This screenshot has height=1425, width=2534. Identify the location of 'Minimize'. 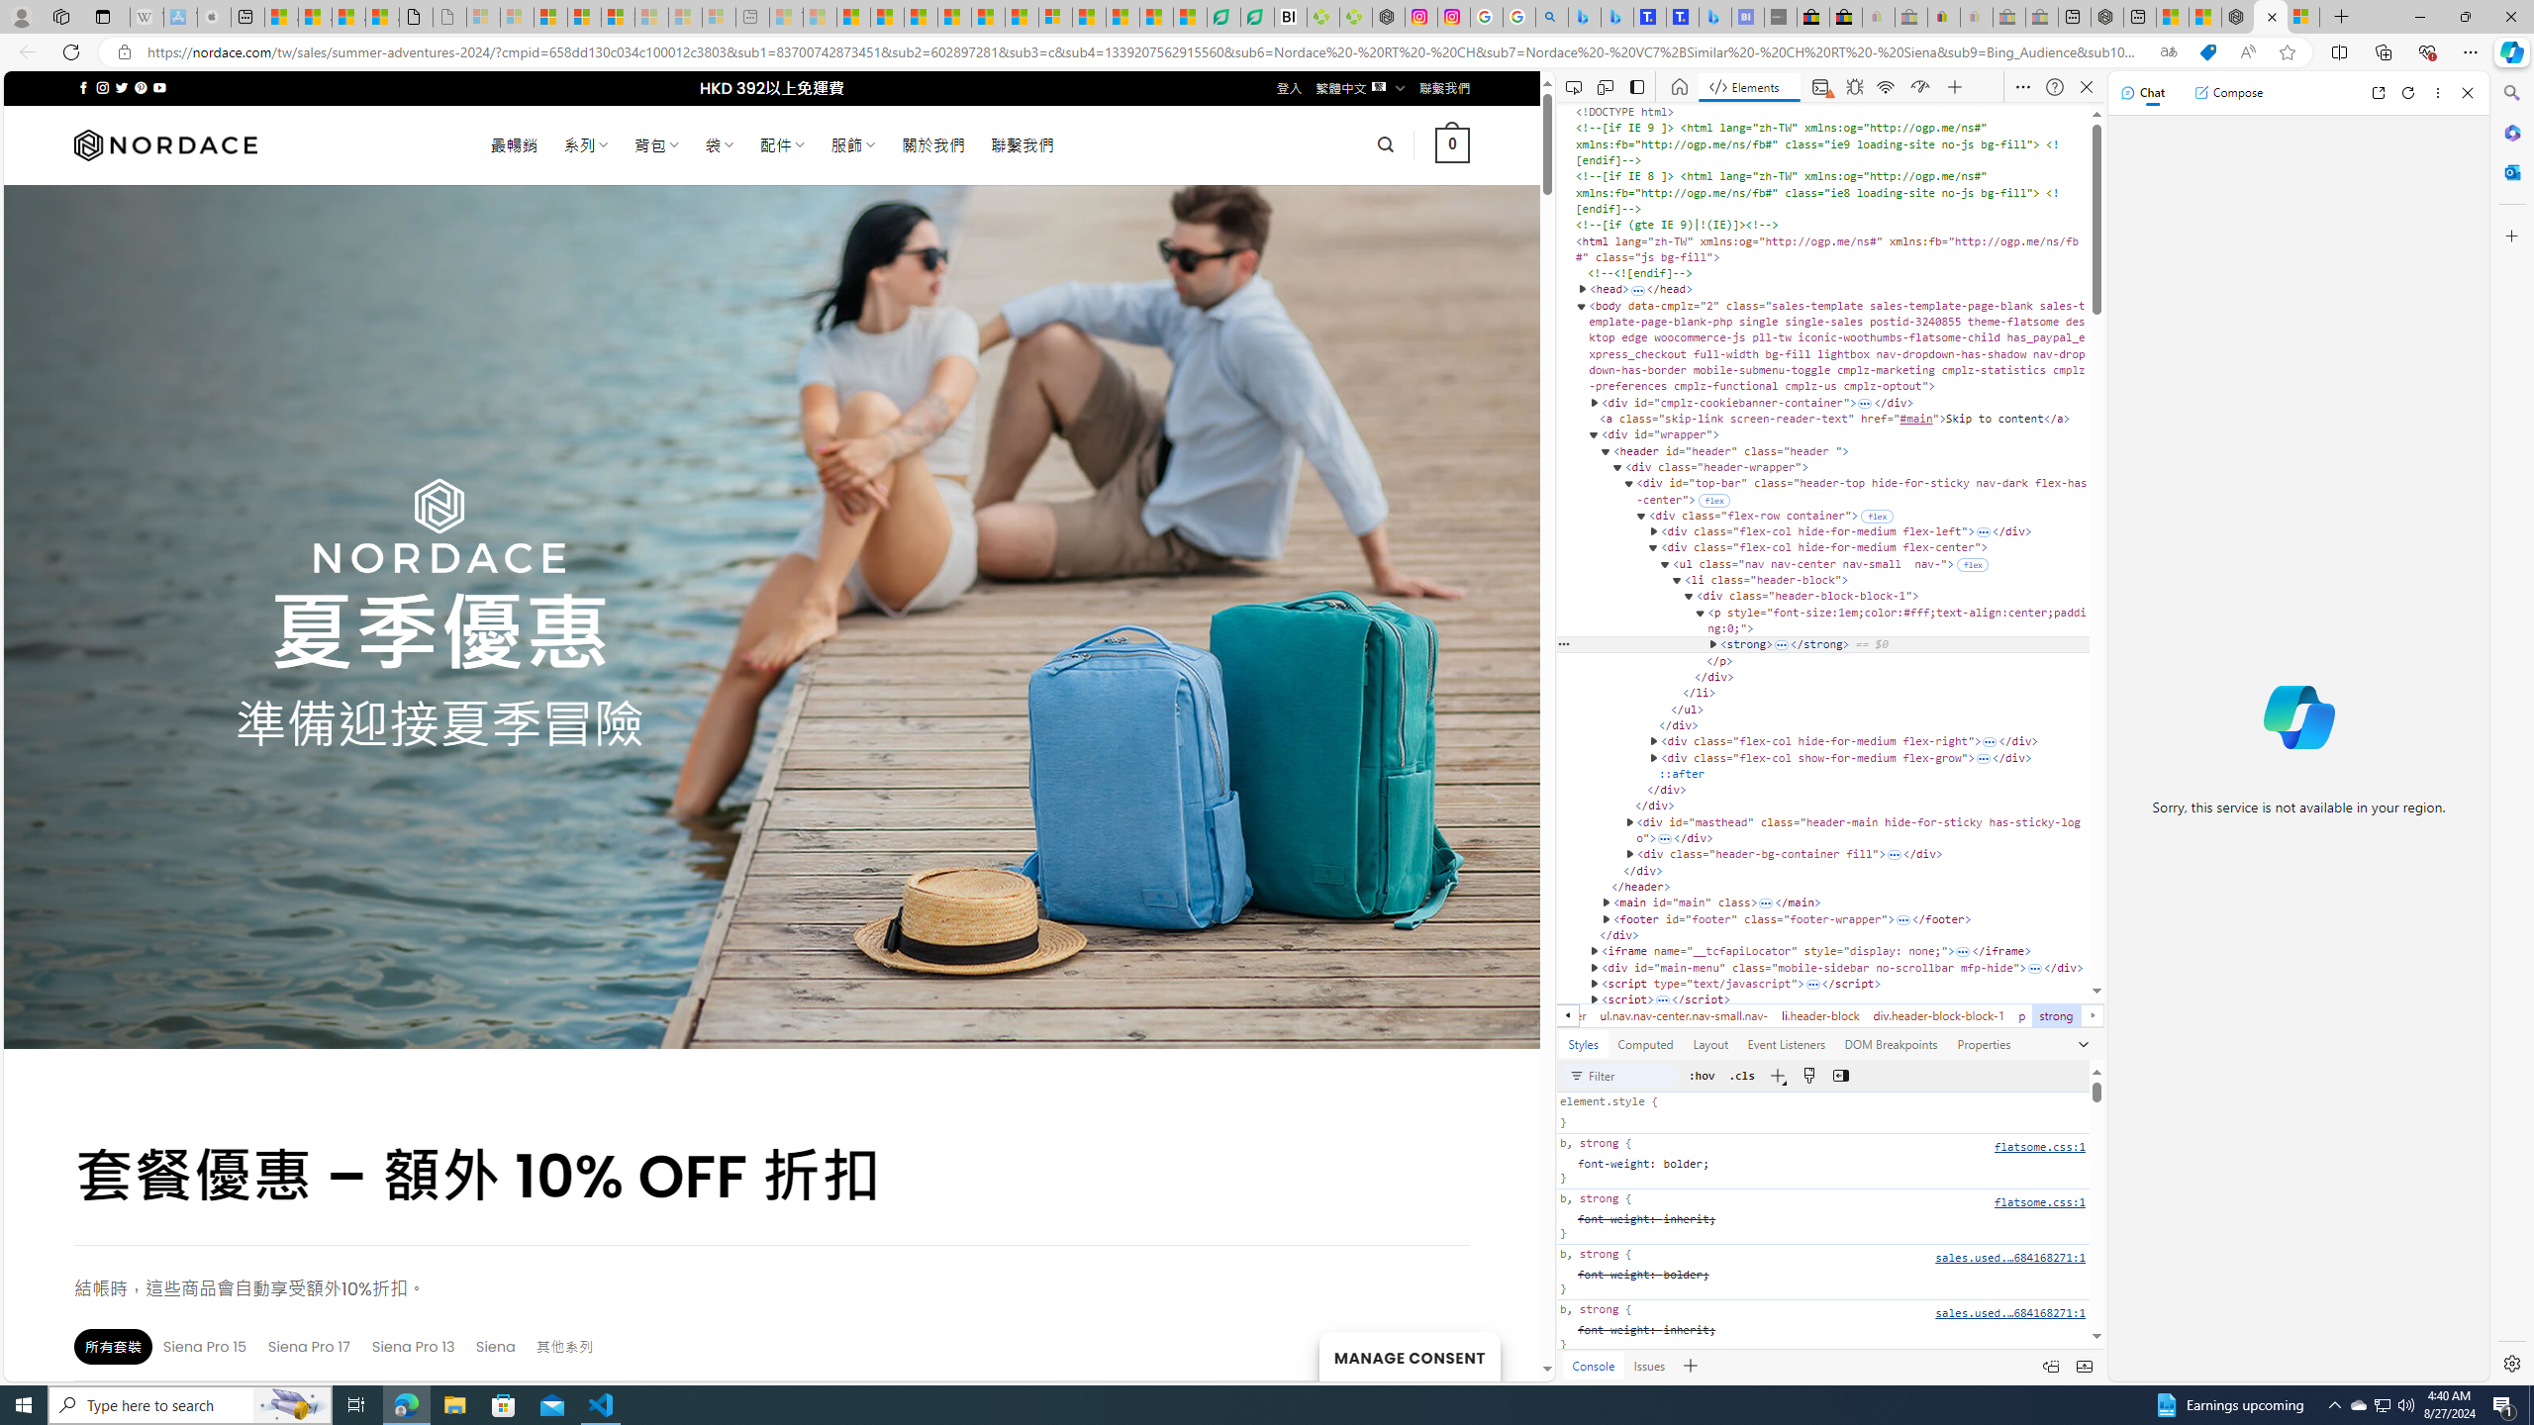
(2418, 16).